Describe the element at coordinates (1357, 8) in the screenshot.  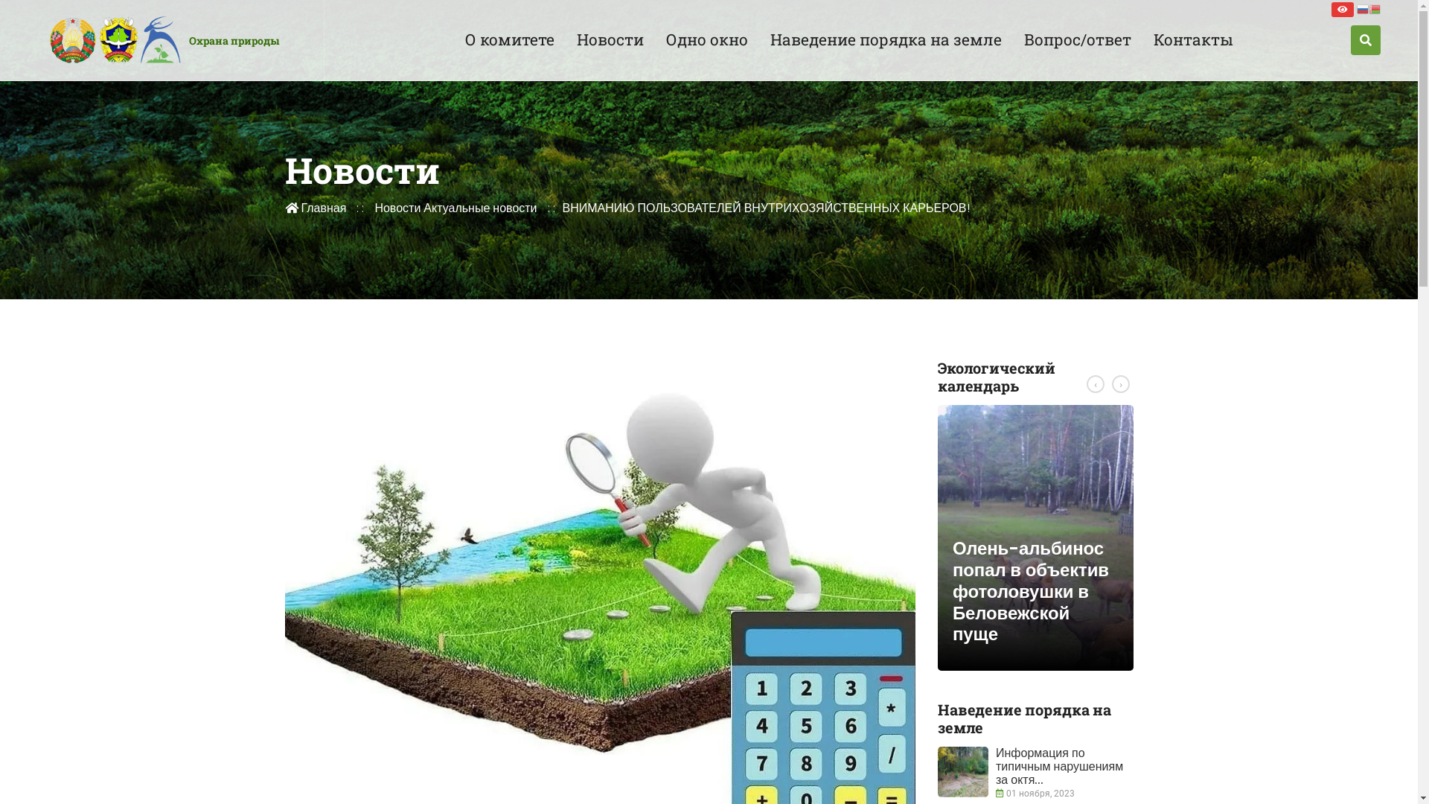
I see `'Russian'` at that location.